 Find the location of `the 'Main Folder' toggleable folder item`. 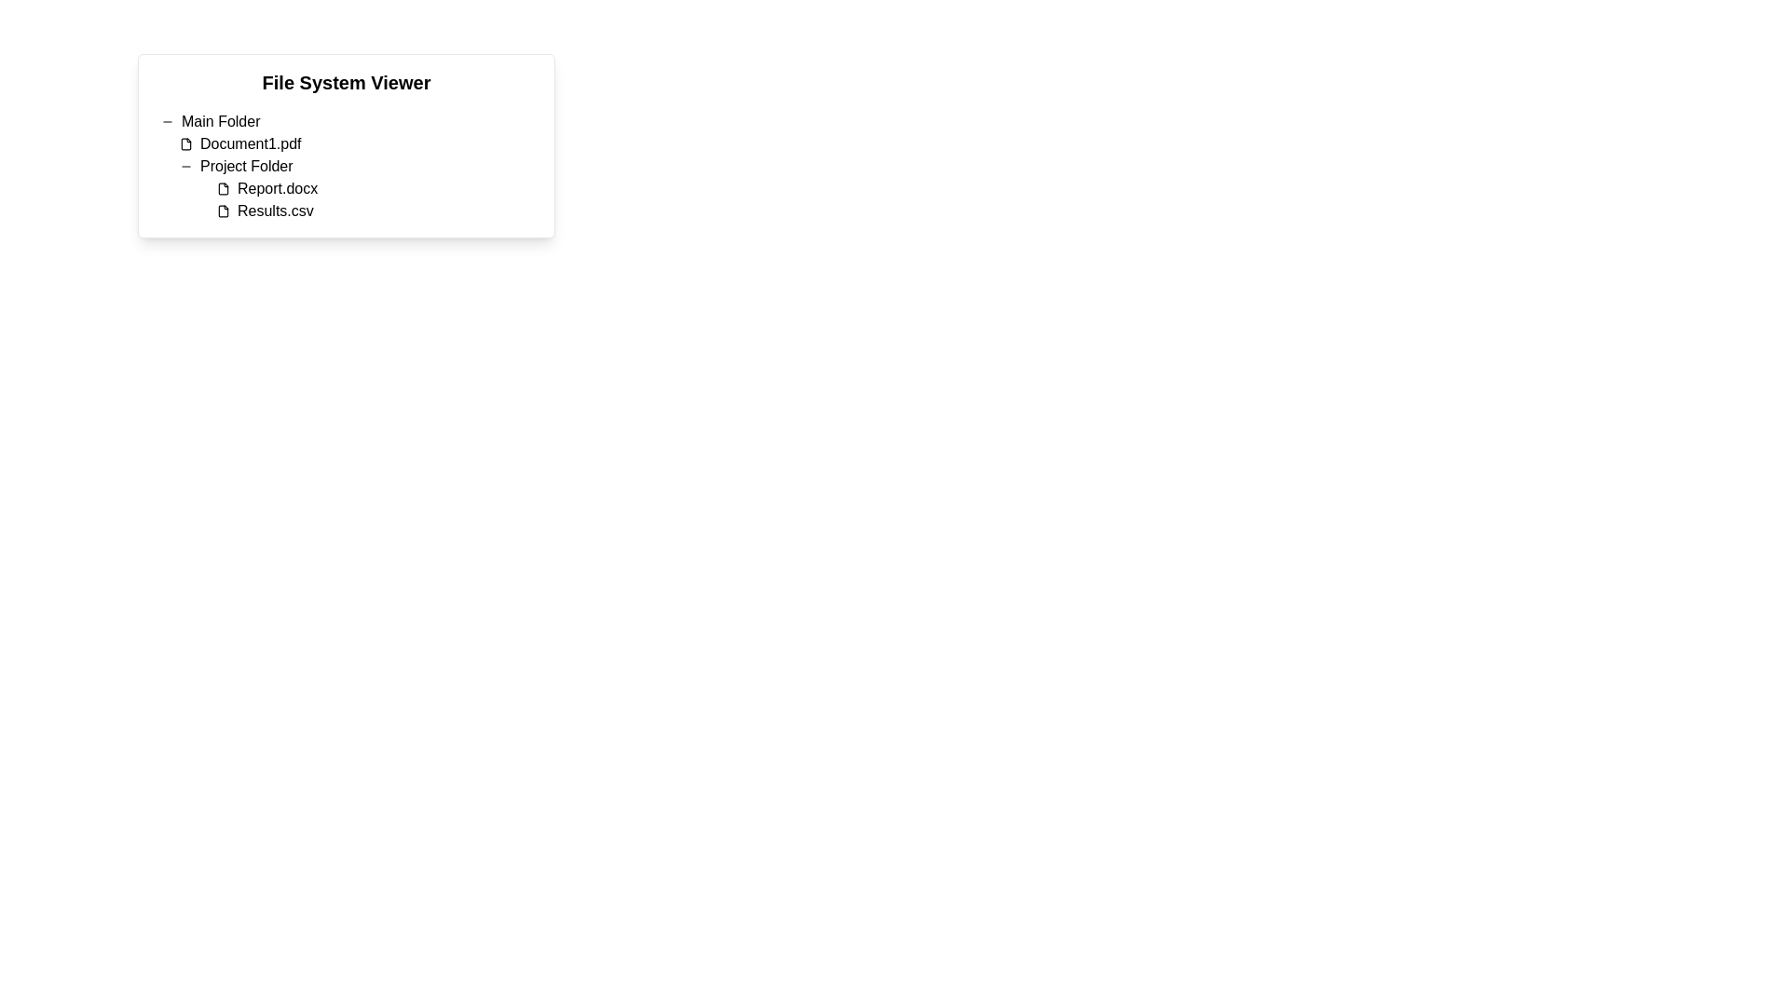

the 'Main Folder' toggleable folder item is located at coordinates (347, 122).